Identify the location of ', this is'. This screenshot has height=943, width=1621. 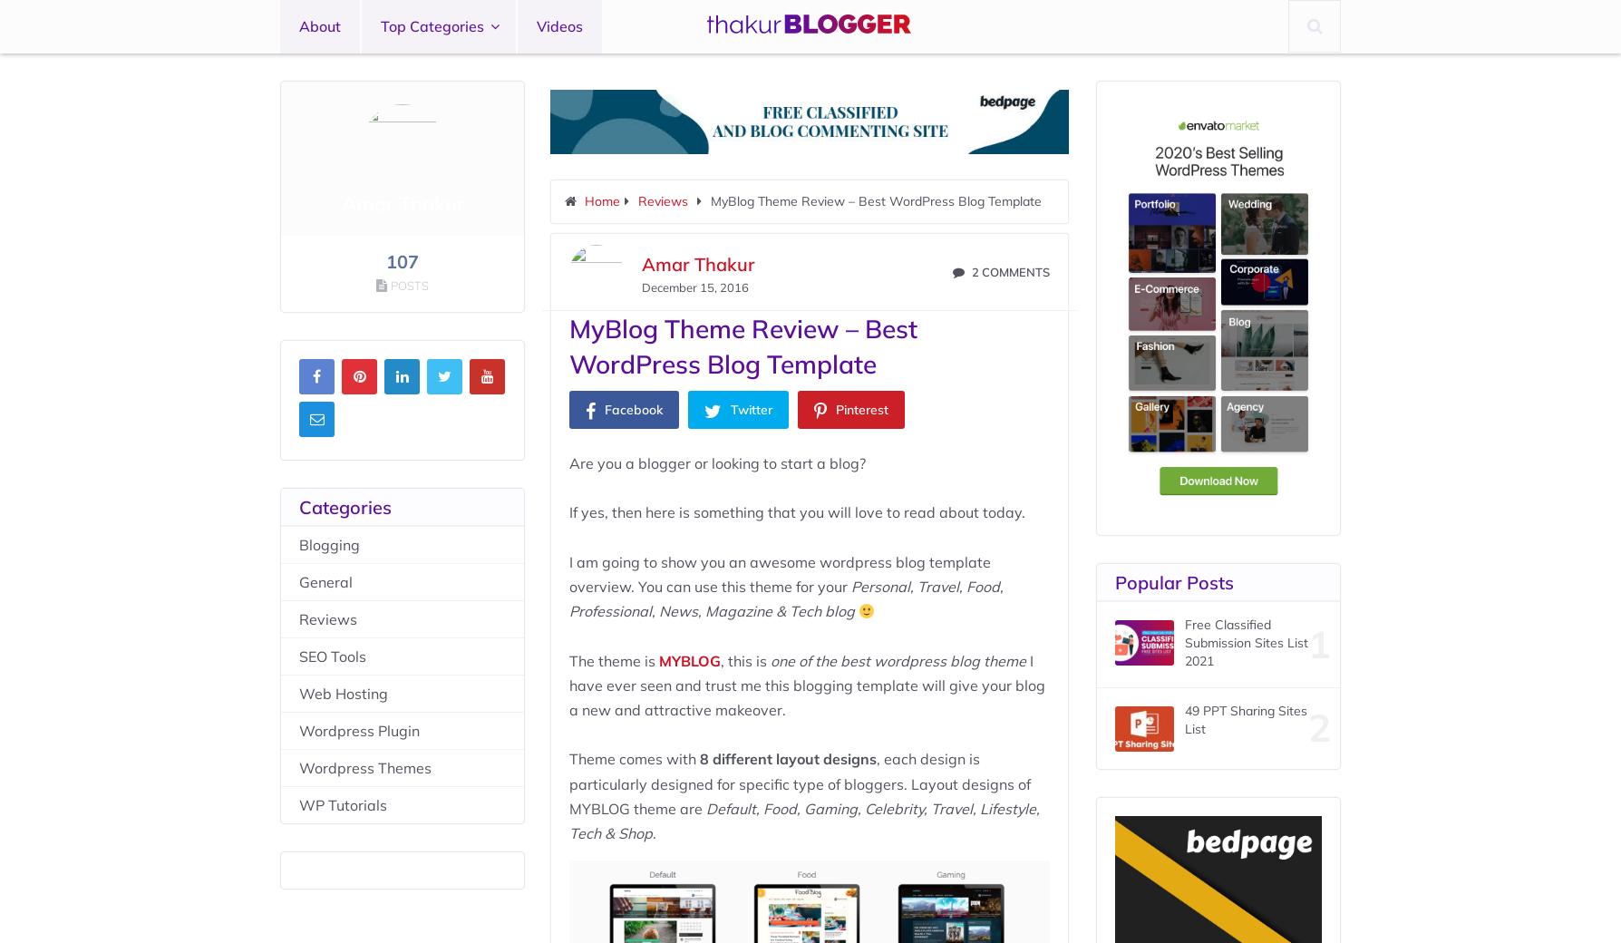
(743, 660).